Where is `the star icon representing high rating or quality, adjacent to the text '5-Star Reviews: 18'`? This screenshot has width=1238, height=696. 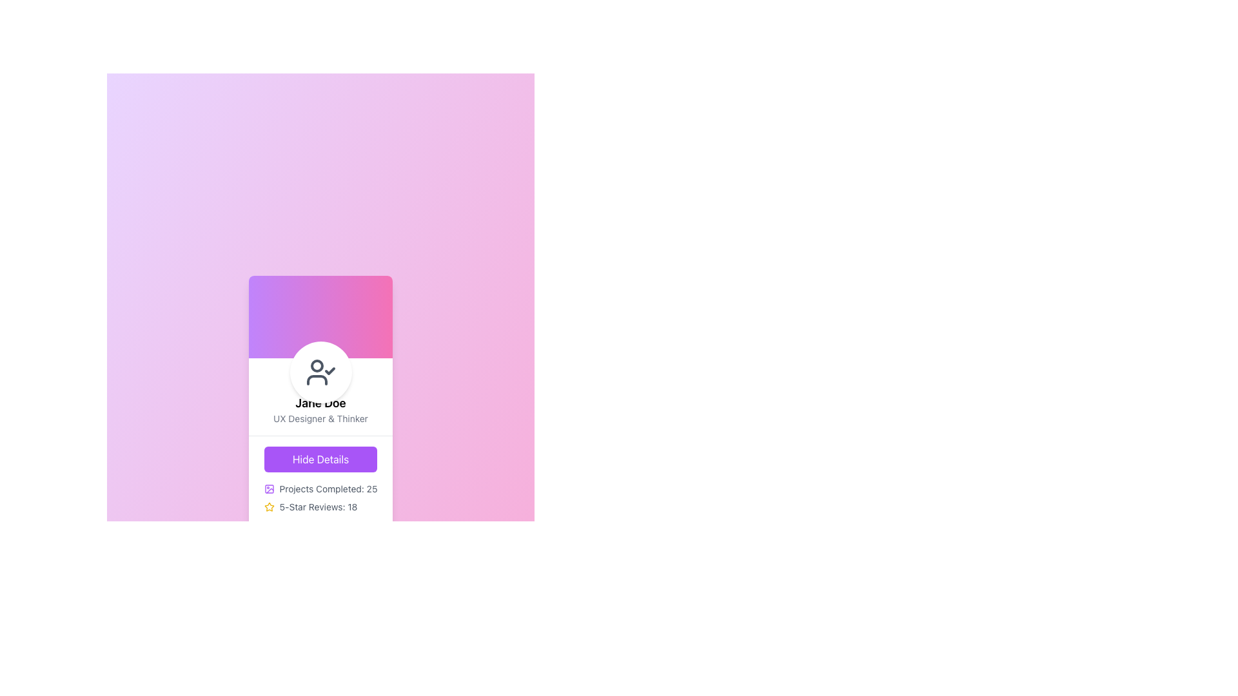
the star icon representing high rating or quality, adjacent to the text '5-Star Reviews: 18' is located at coordinates (268, 506).